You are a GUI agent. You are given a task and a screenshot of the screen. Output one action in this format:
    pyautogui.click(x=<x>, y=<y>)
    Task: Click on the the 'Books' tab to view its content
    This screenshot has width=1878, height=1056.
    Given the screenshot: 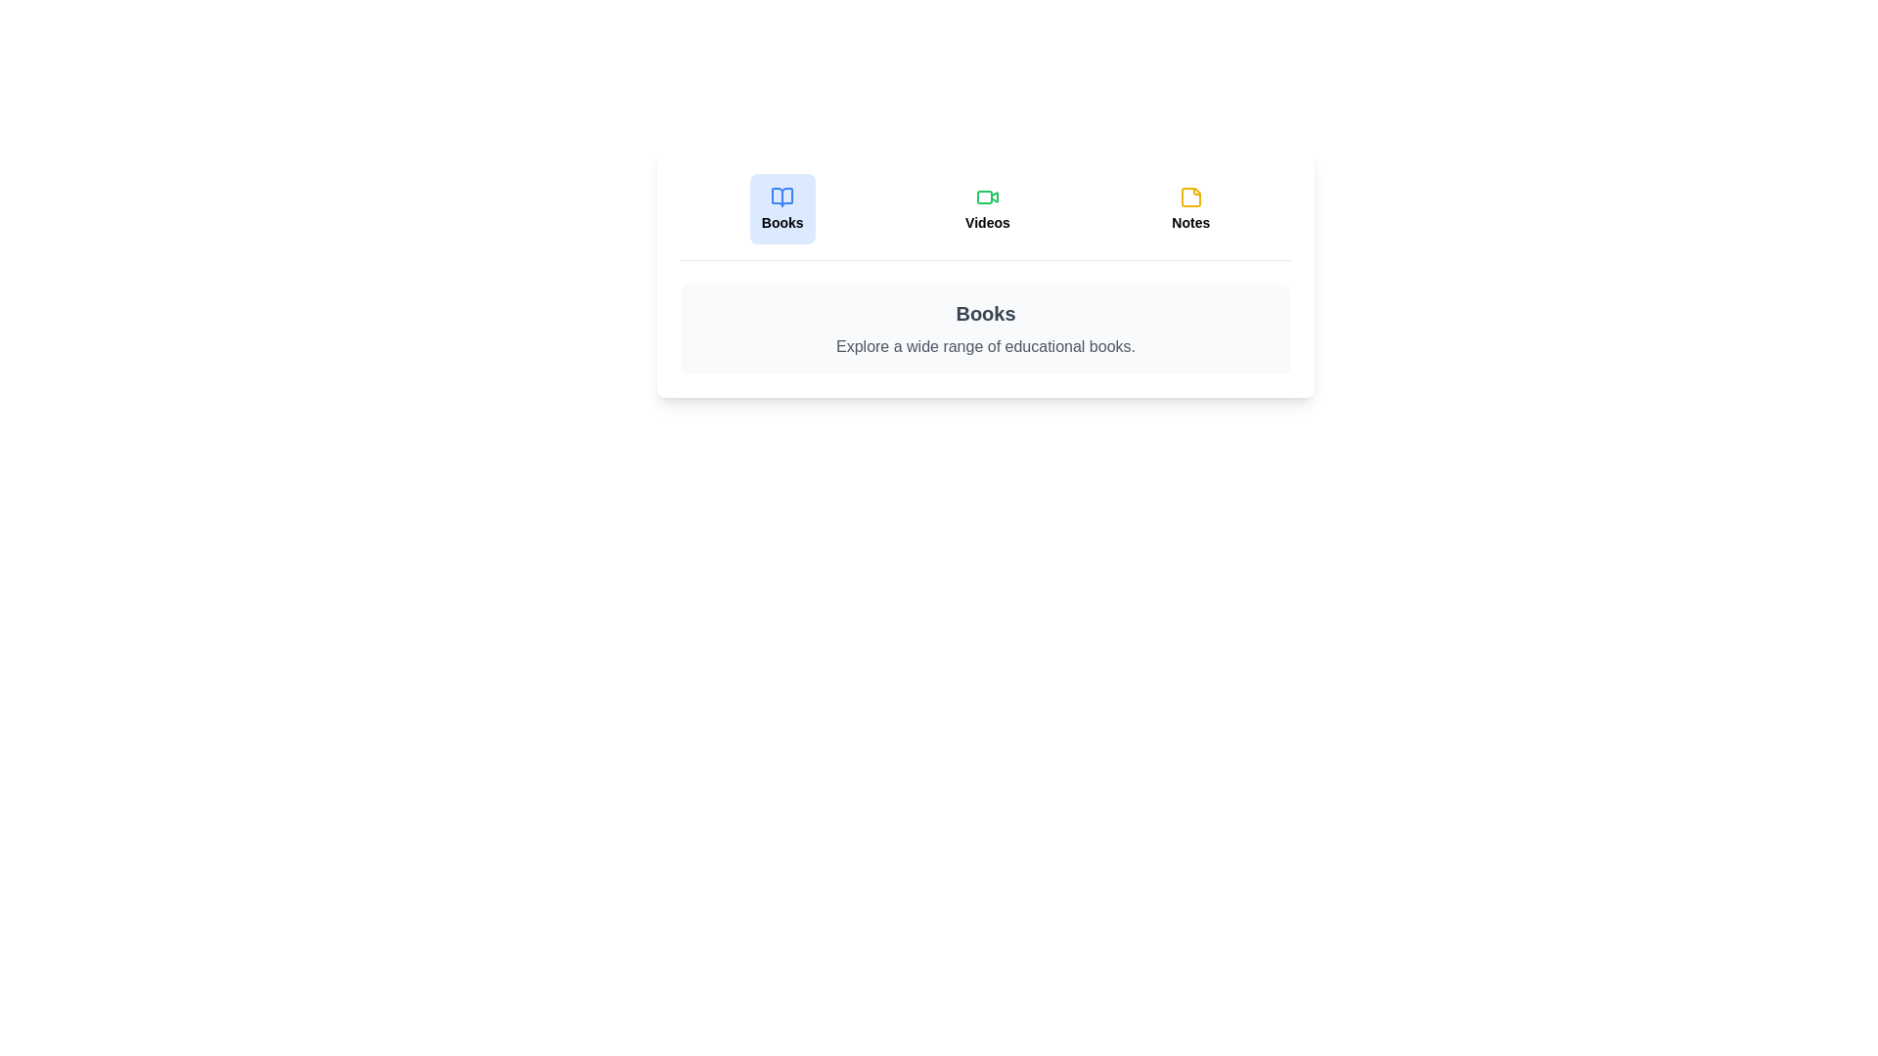 What is the action you would take?
    pyautogui.click(x=782, y=208)
    